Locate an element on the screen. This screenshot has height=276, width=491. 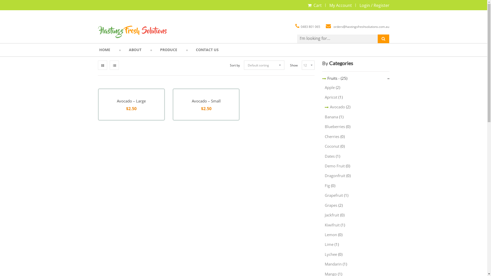
'Cart' is located at coordinates (317, 5).